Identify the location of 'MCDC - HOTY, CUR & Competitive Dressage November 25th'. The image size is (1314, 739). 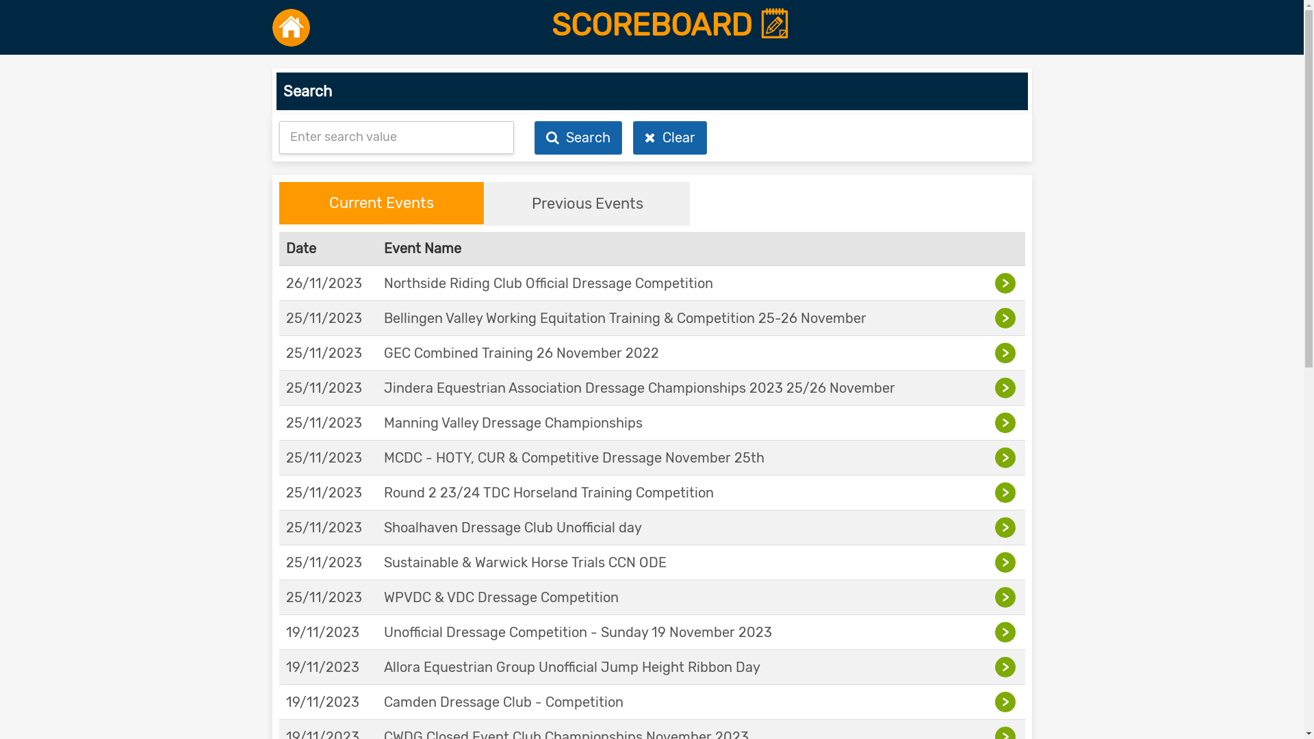
(574, 457).